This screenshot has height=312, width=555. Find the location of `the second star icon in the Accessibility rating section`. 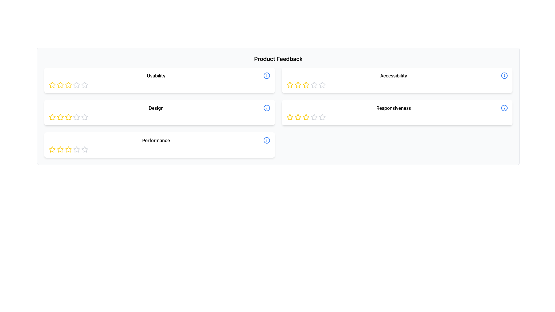

the second star icon in the Accessibility rating section is located at coordinates (298, 85).